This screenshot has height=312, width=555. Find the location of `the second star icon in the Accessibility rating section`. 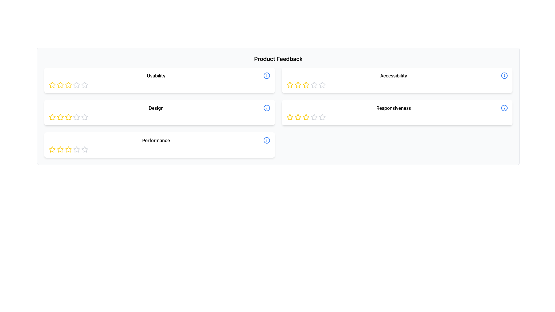

the second star icon in the Accessibility rating section is located at coordinates (298, 85).